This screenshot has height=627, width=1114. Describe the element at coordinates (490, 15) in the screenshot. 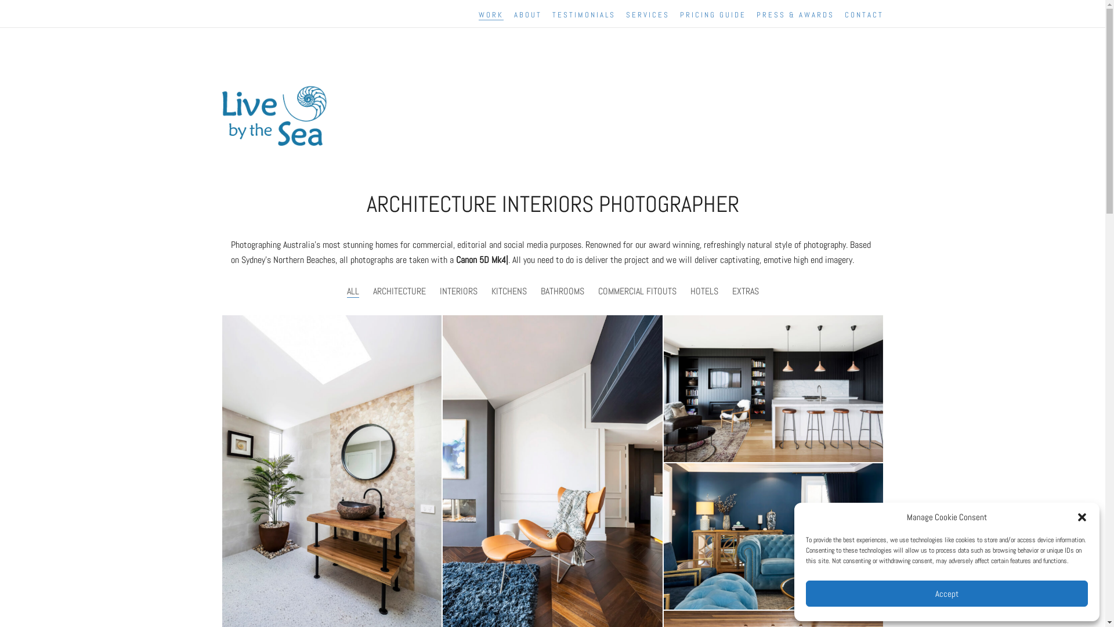

I see `'WORK'` at that location.